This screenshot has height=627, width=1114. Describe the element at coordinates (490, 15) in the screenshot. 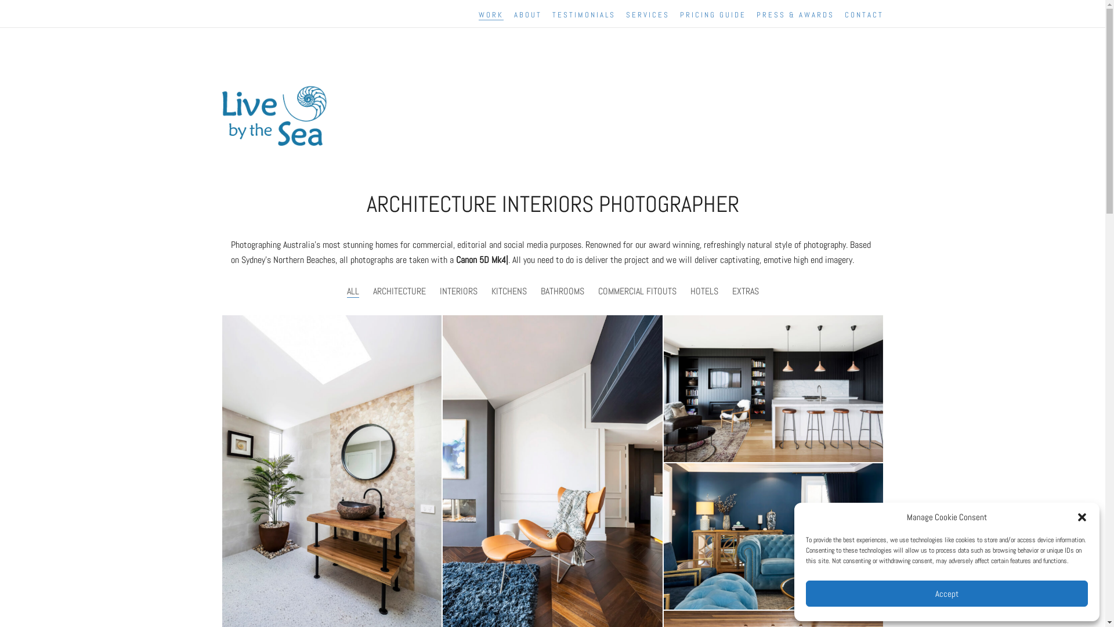

I see `'WORK'` at that location.